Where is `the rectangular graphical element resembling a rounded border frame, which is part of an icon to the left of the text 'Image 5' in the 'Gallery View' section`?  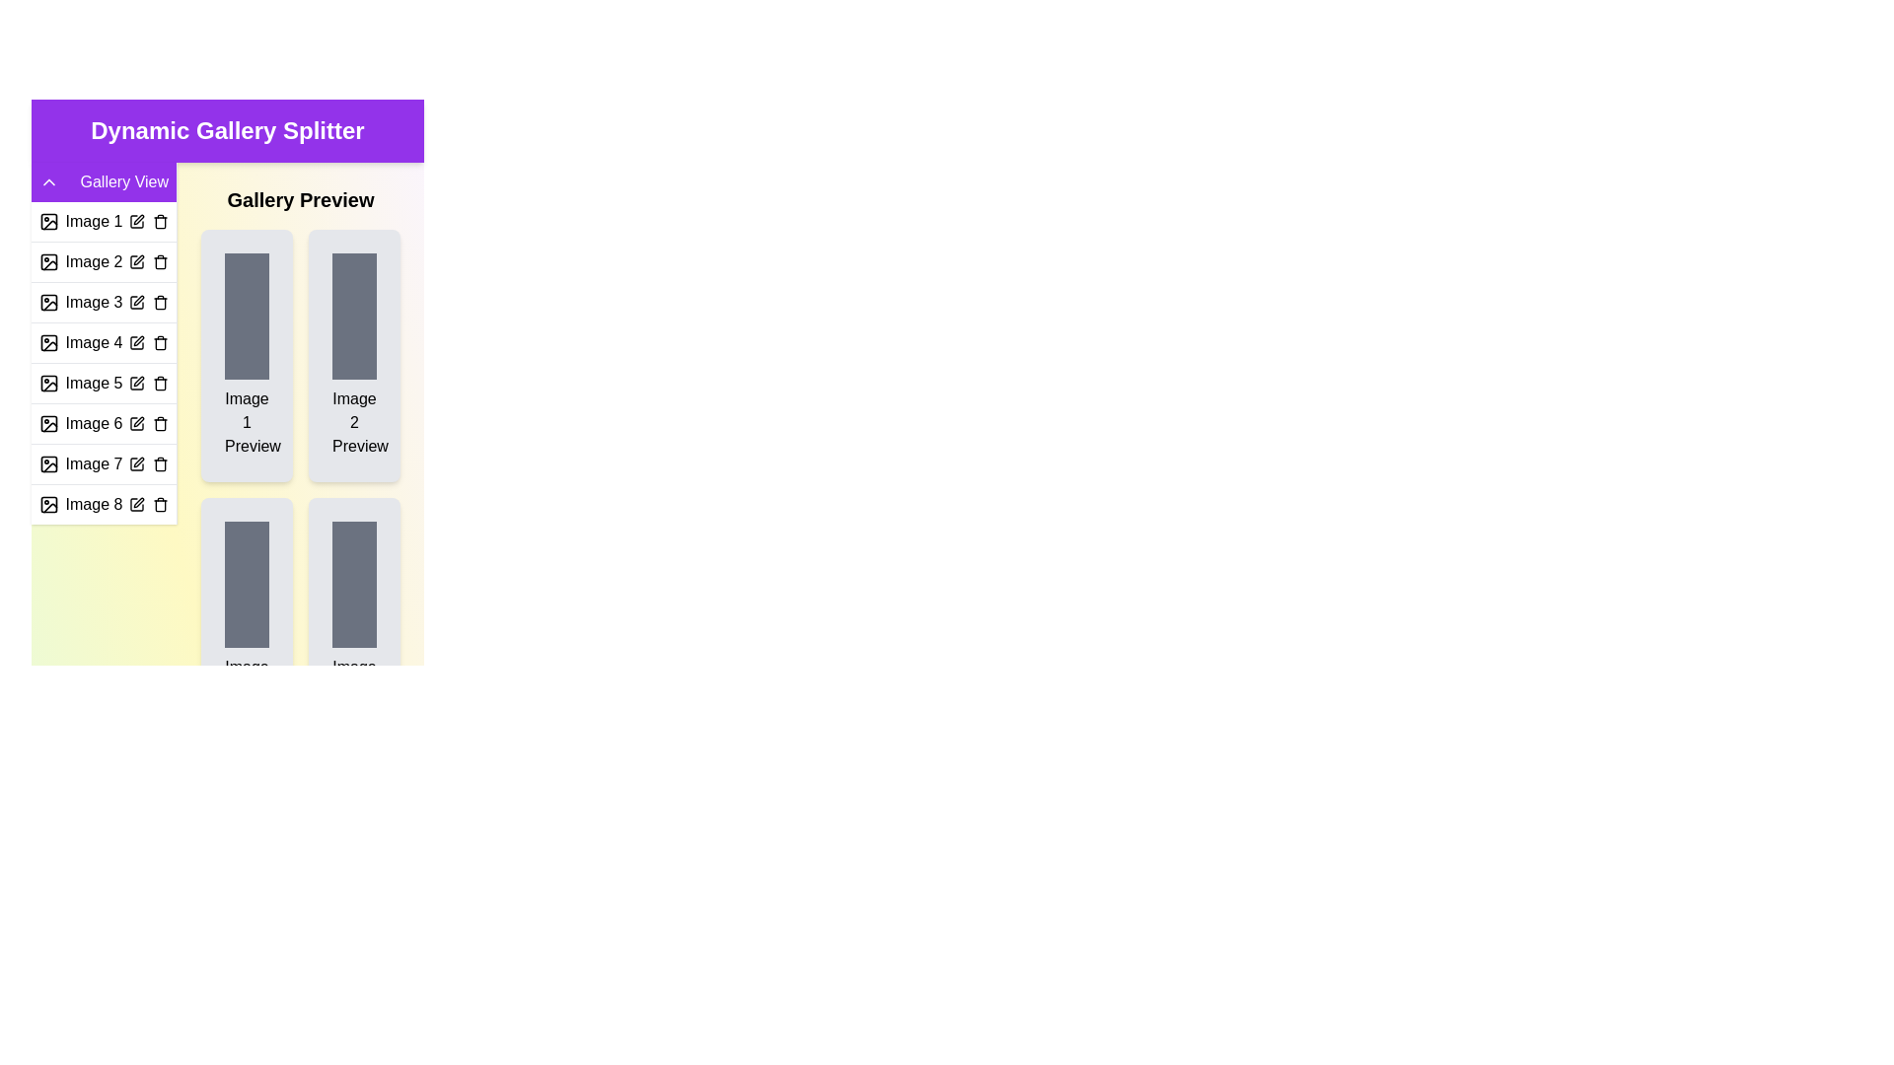 the rectangular graphical element resembling a rounded border frame, which is part of an icon to the left of the text 'Image 5' in the 'Gallery View' section is located at coordinates (48, 384).